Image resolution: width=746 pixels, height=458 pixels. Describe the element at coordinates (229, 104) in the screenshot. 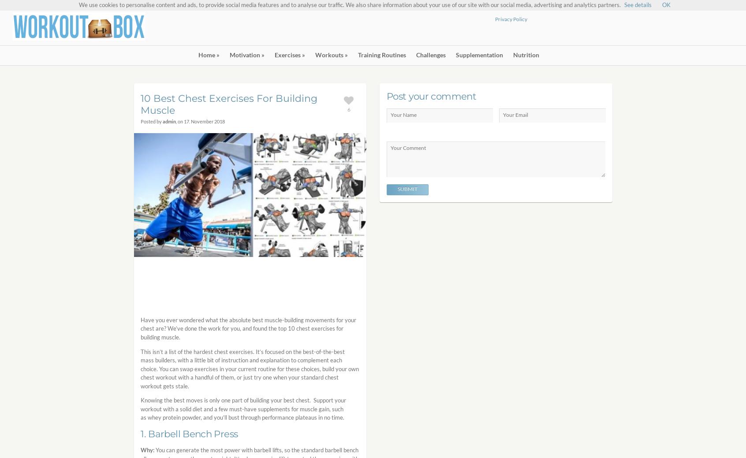

I see `'10 Best Chest Exercises For Building Muscle'` at that location.